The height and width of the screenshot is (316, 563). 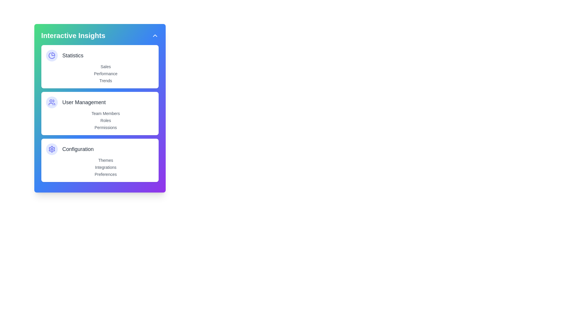 I want to click on the icon of the section User Management, so click(x=52, y=102).